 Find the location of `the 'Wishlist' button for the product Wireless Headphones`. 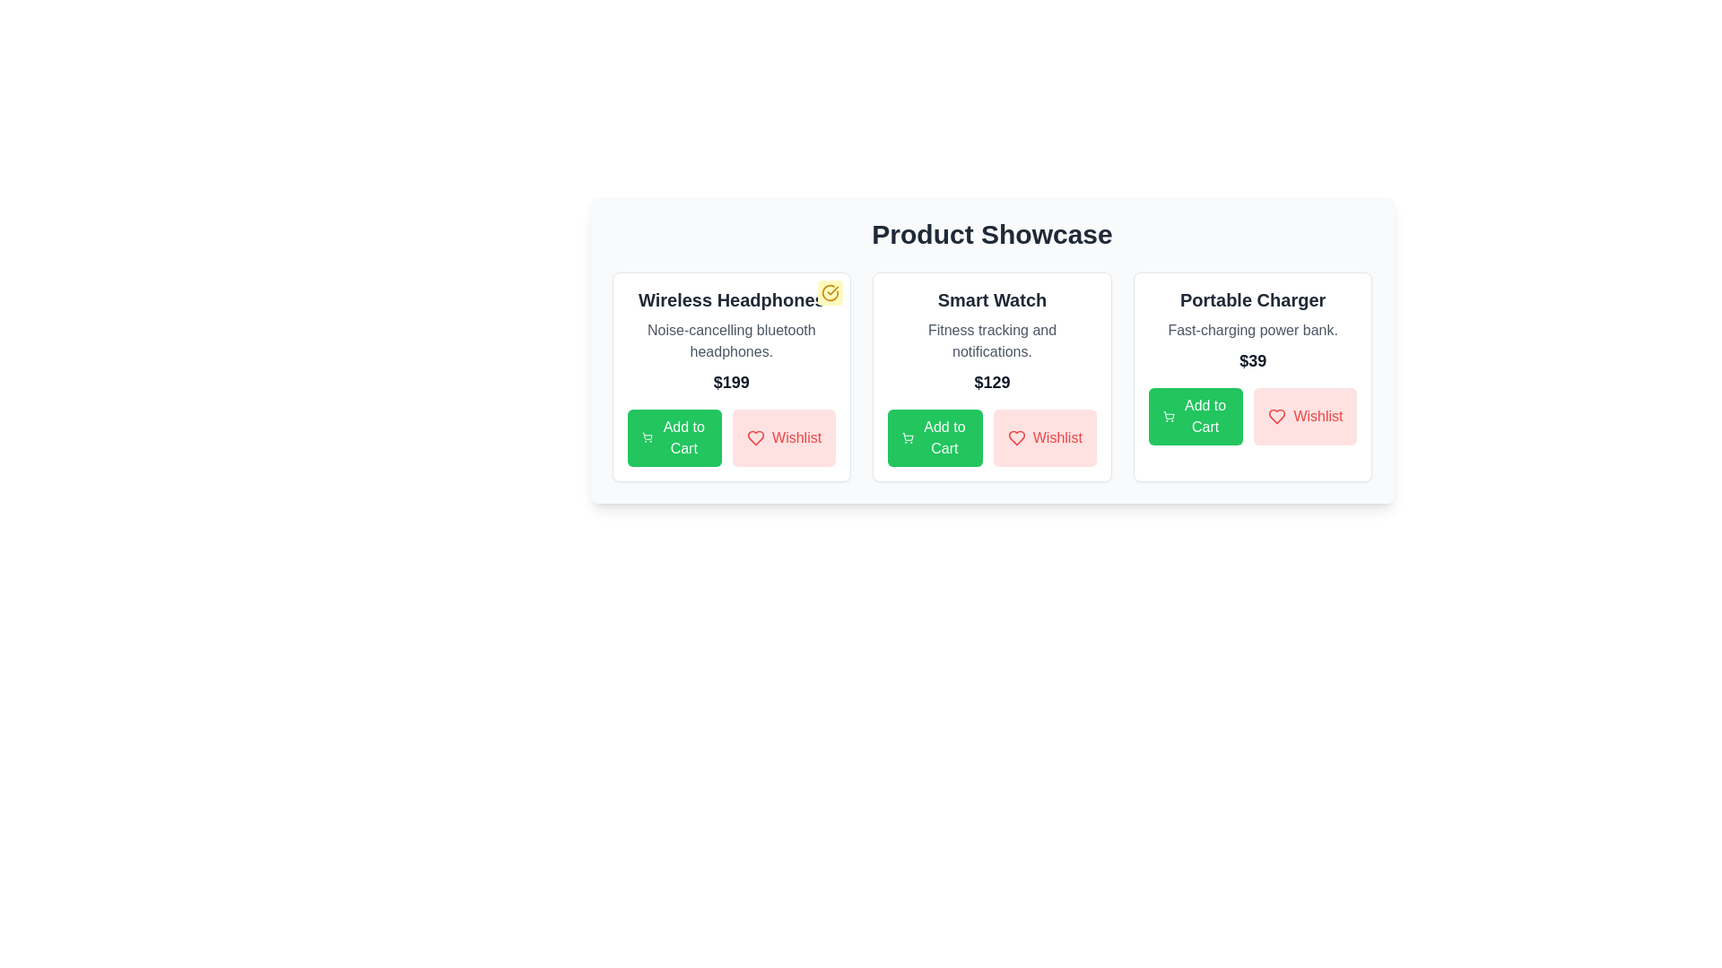

the 'Wishlist' button for the product Wireless Headphones is located at coordinates (784, 438).